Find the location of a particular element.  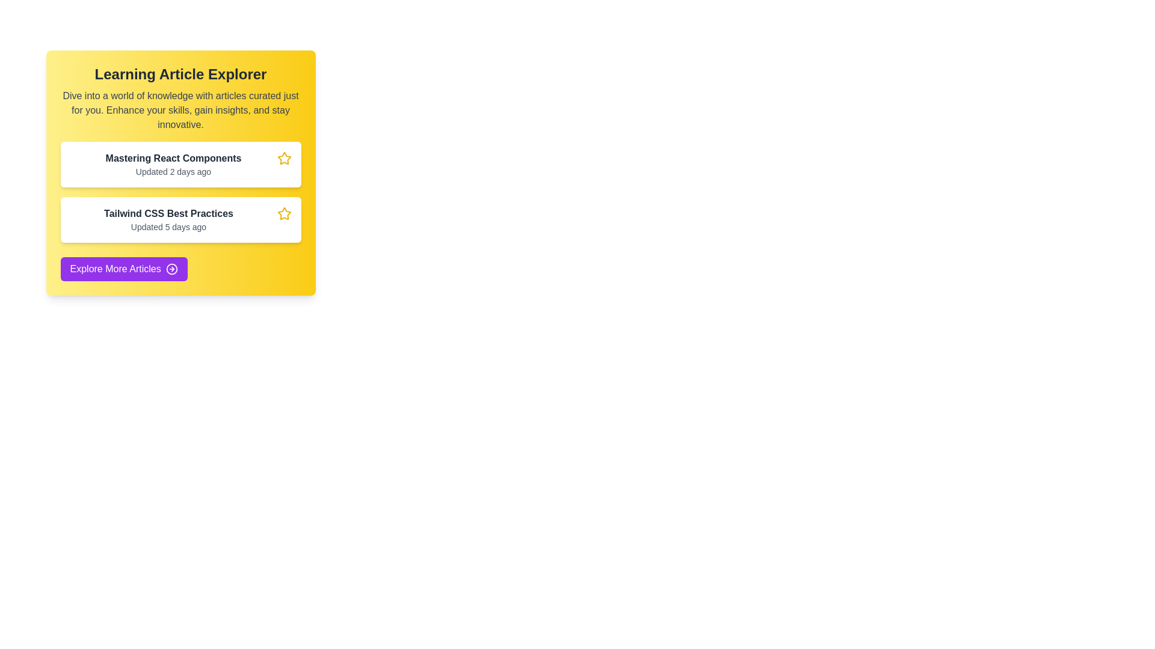

the static text label that reads 'Updated 5 days ago', which is positioned below the title 'Tailwind CSS Best Practices' in a subtle gray font is located at coordinates (168, 227).